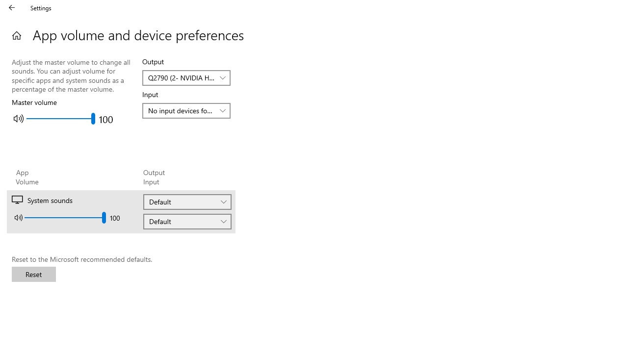  I want to click on 'Adjust the master output volume', so click(60, 118).